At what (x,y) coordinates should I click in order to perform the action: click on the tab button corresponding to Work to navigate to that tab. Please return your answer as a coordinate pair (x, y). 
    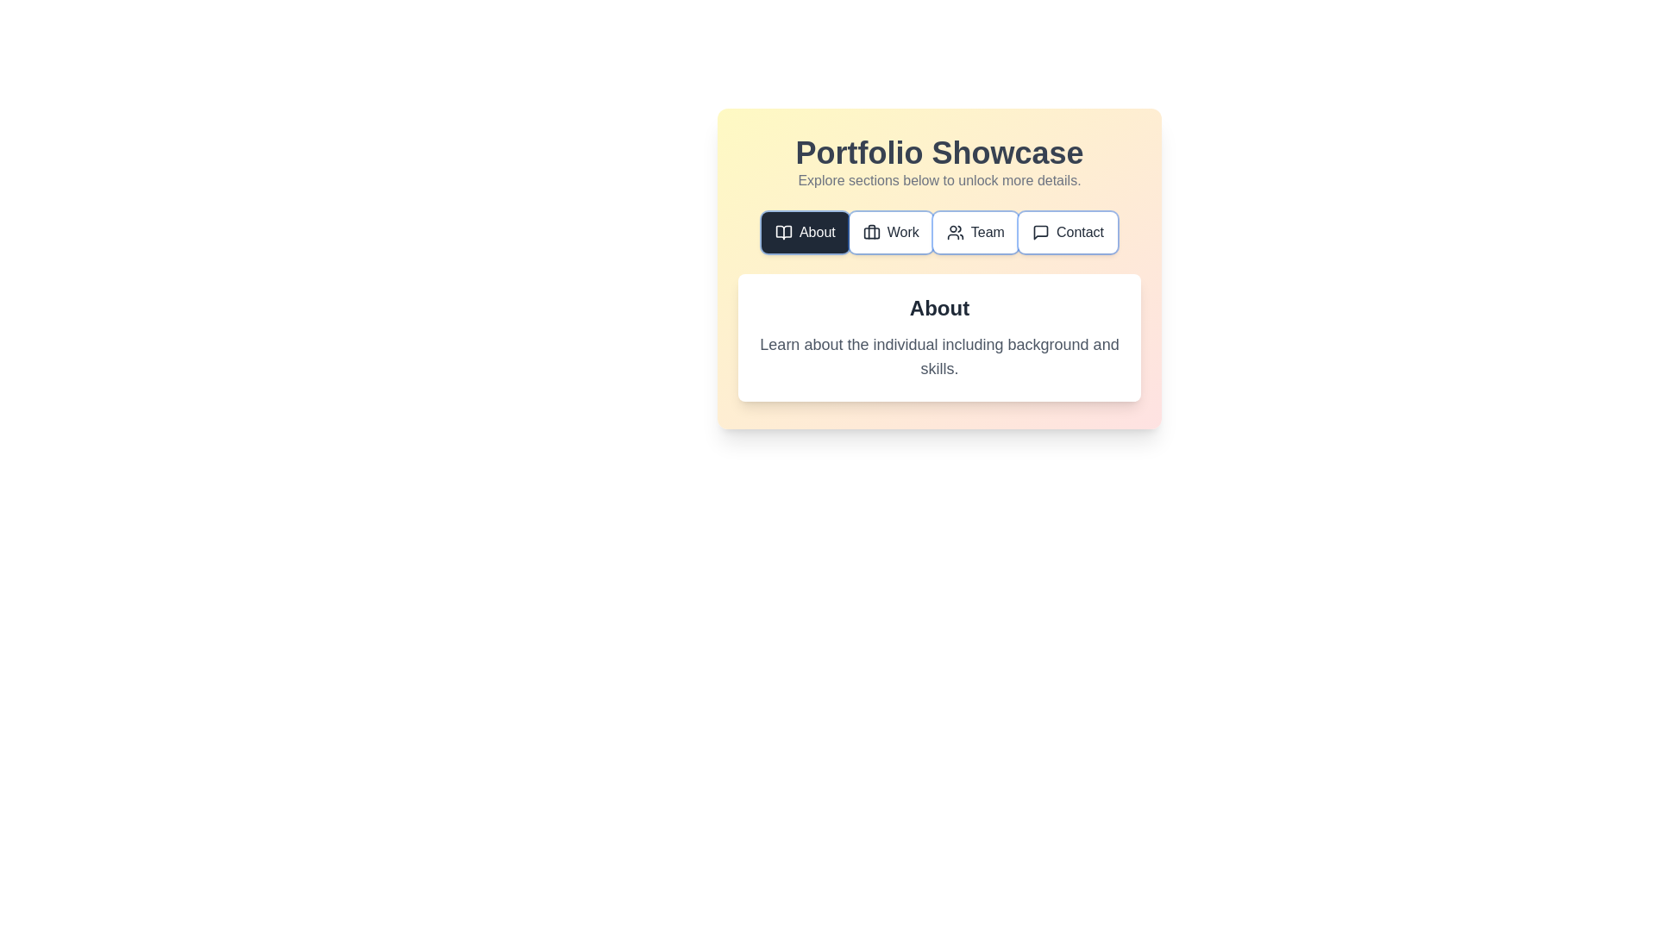
    Looking at the image, I should click on (891, 233).